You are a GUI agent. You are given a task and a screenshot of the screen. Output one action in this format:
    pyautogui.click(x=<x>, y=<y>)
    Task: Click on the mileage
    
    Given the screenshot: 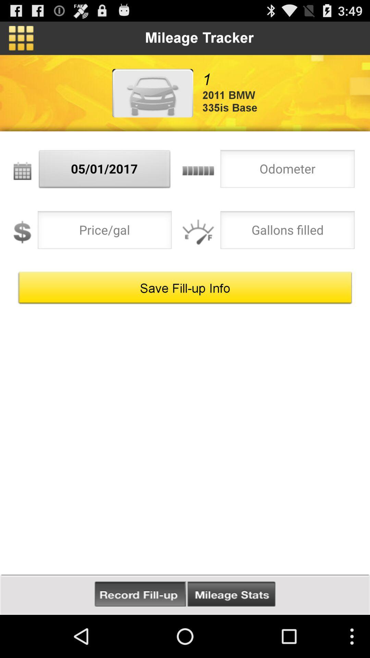 What is the action you would take?
    pyautogui.click(x=287, y=171)
    